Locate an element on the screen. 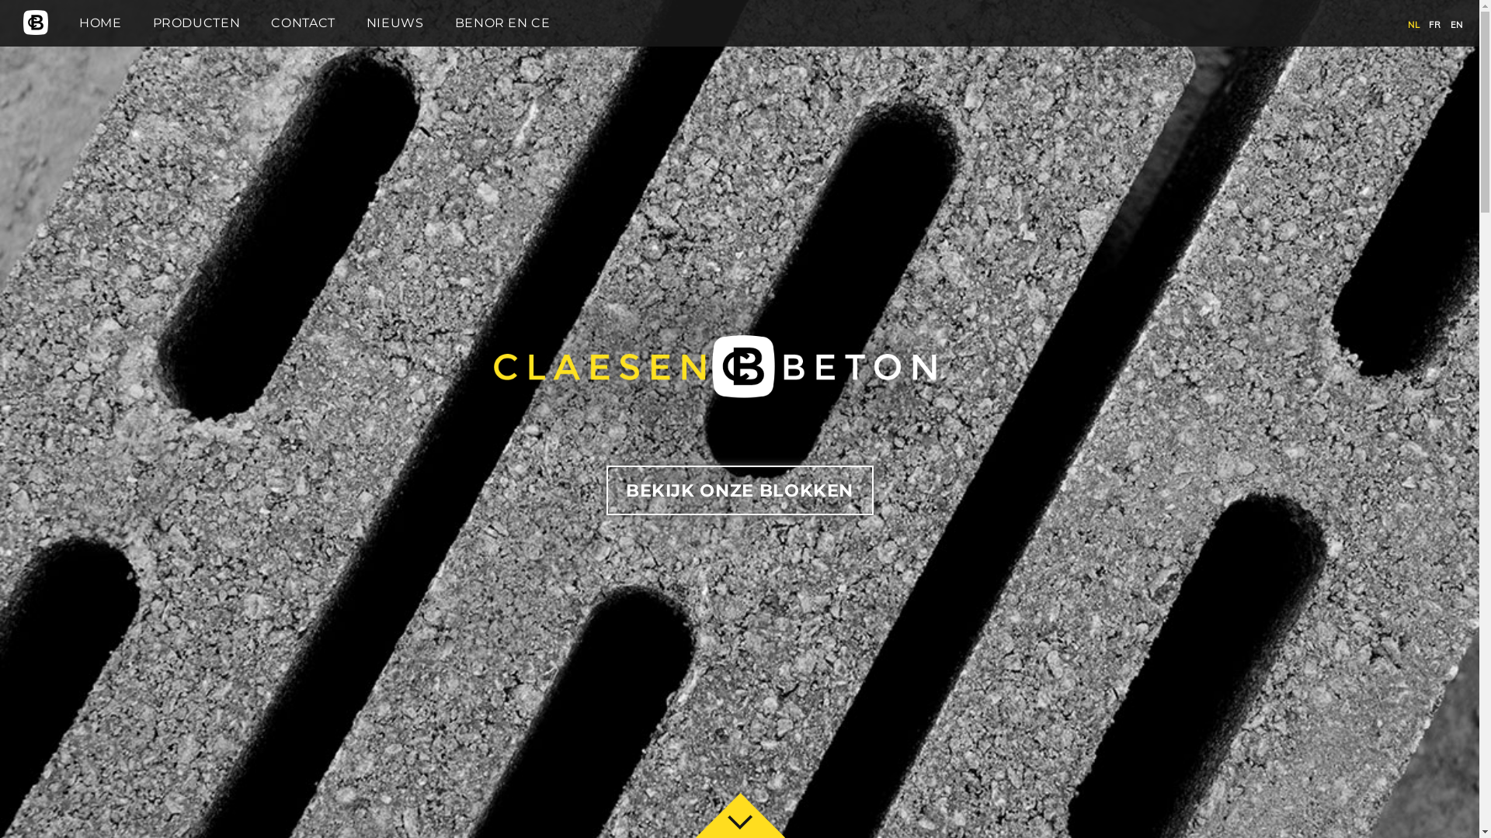 The height and width of the screenshot is (838, 1491). 'BEKIJK ONZE BLOKKEN' is located at coordinates (738, 490).